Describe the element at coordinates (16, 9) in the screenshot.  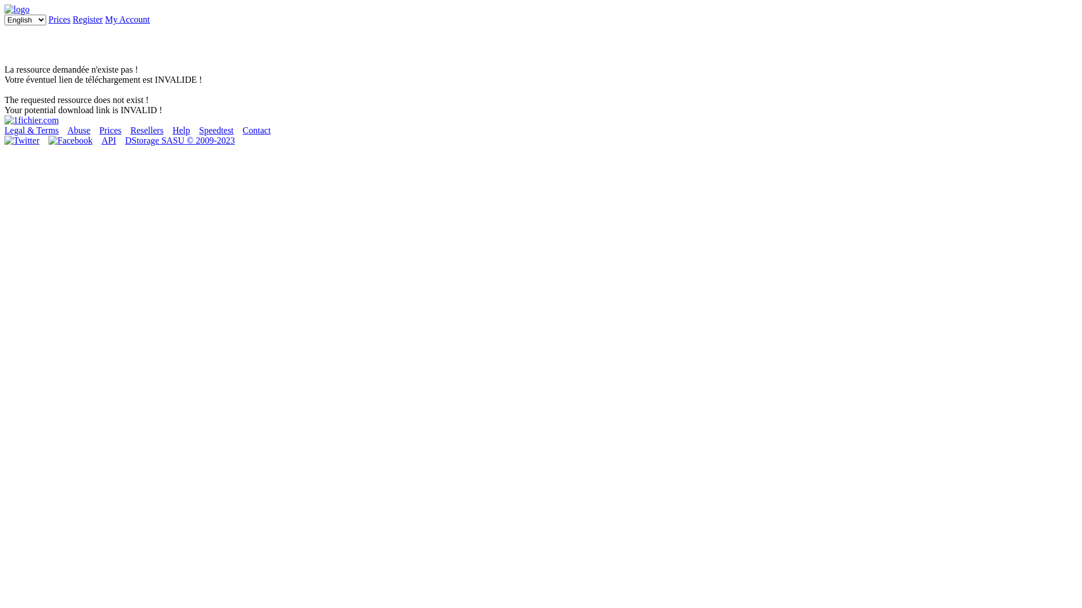
I see `'1fichier.com'` at that location.